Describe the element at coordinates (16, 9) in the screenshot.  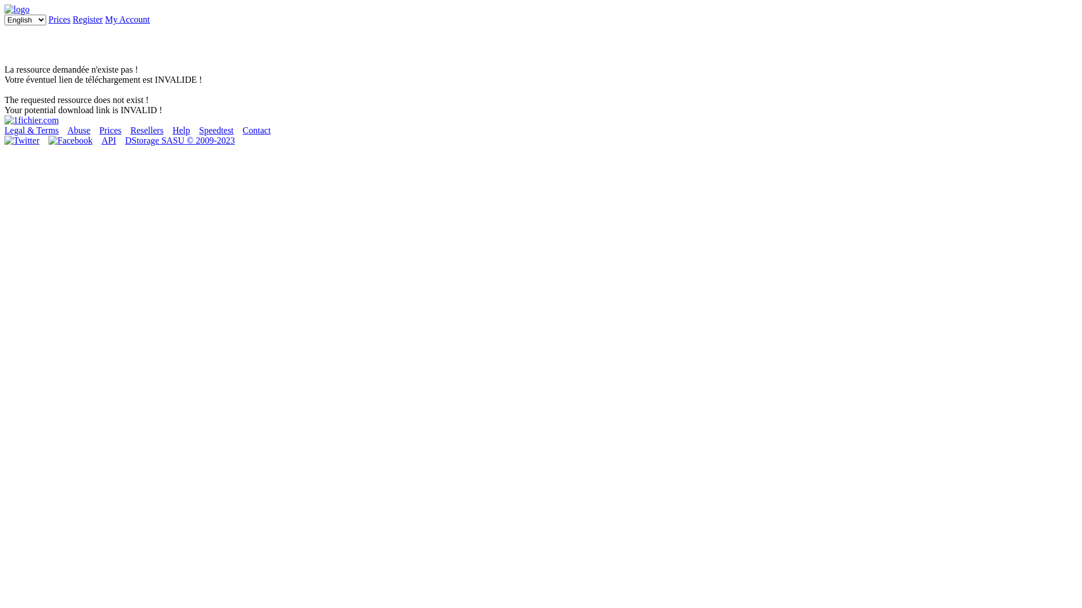
I see `'1fichier.com'` at that location.